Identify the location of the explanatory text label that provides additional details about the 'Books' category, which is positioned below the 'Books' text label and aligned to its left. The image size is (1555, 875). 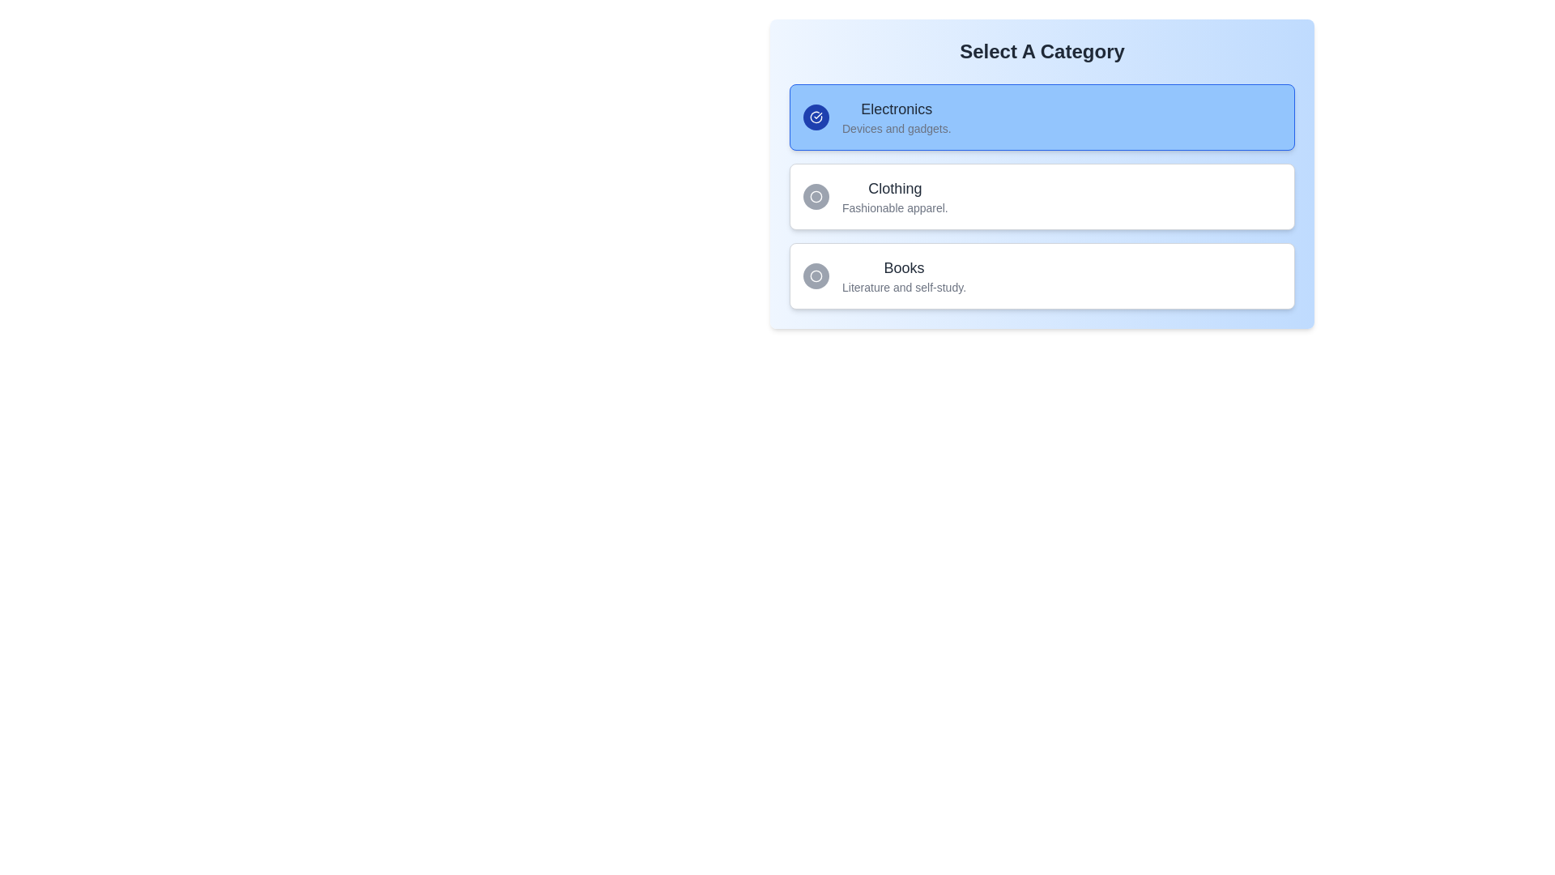
(903, 286).